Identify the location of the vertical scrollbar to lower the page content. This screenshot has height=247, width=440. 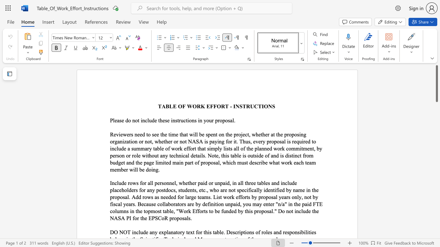
(436, 189).